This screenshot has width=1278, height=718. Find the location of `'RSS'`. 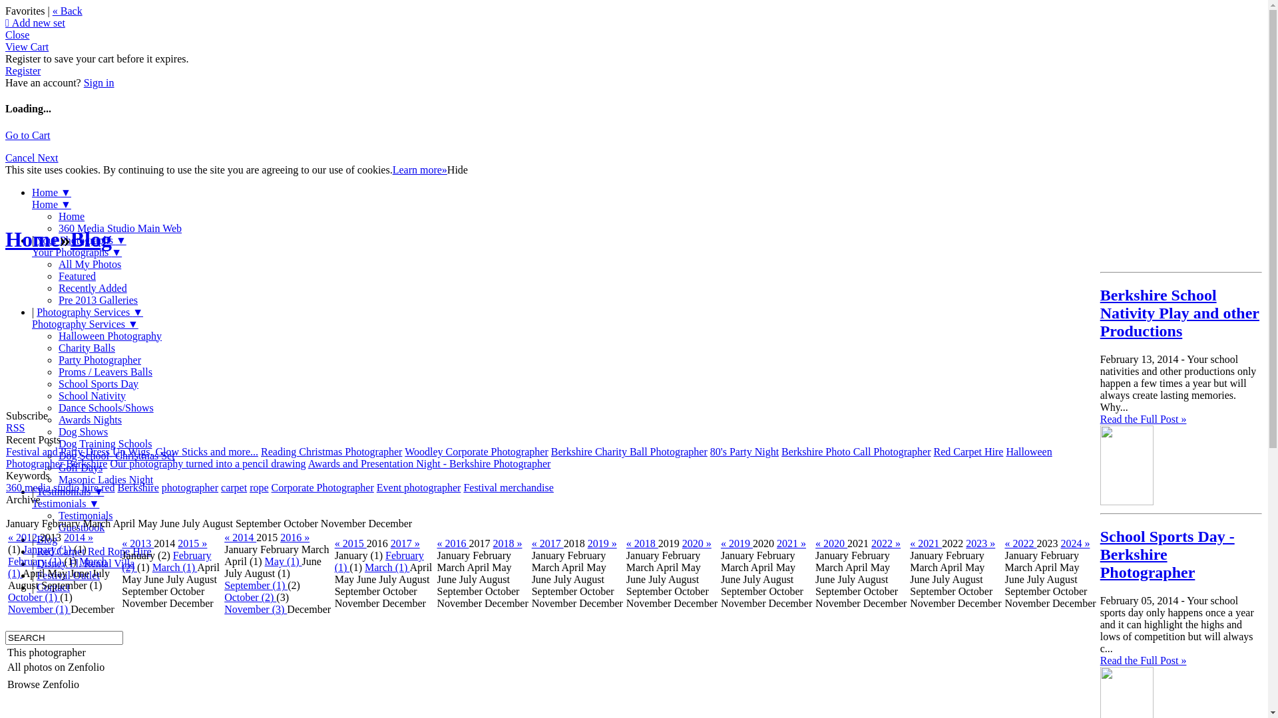

'RSS' is located at coordinates (15, 427).